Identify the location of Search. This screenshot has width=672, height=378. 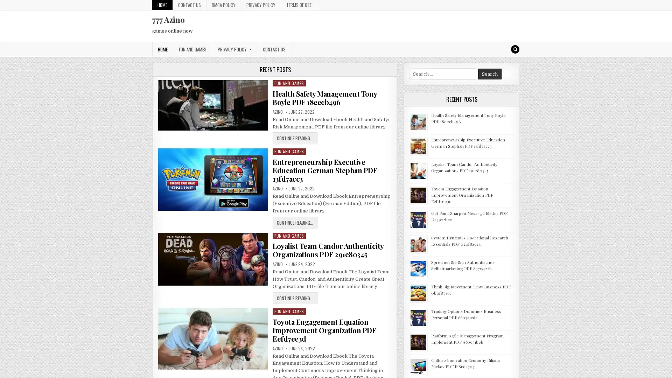
(489, 74).